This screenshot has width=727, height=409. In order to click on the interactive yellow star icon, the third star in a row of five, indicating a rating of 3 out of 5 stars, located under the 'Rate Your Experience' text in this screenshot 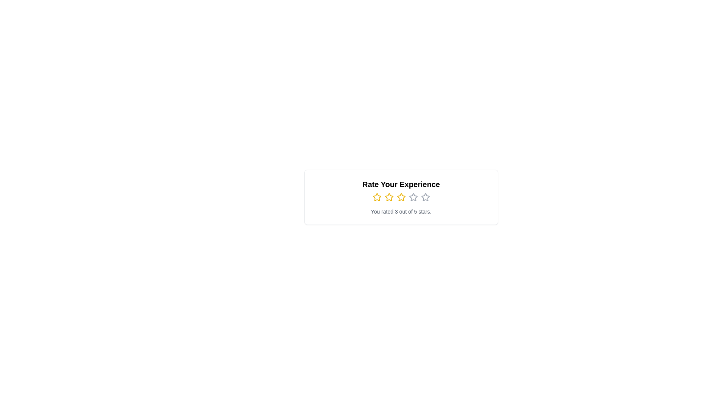, I will do `click(401, 197)`.